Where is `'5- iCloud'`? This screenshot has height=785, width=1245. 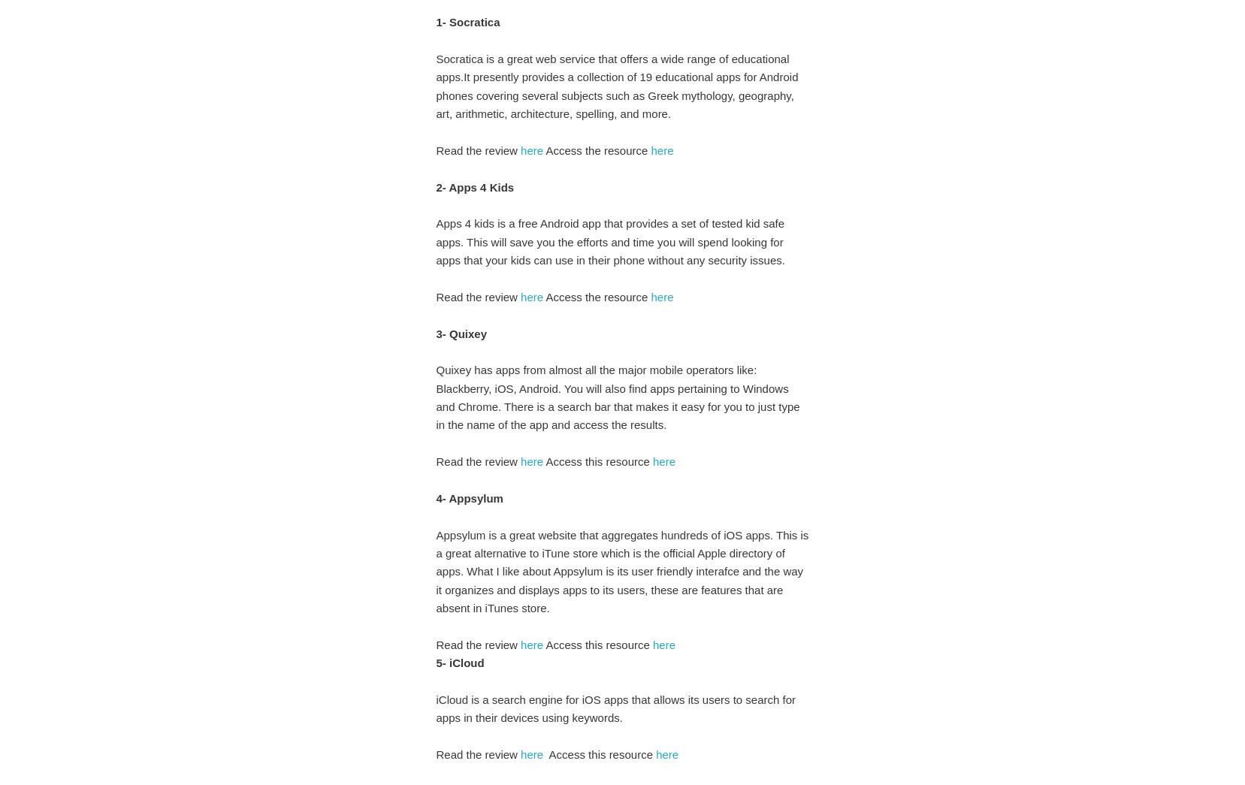
'5- iCloud' is located at coordinates (459, 663).